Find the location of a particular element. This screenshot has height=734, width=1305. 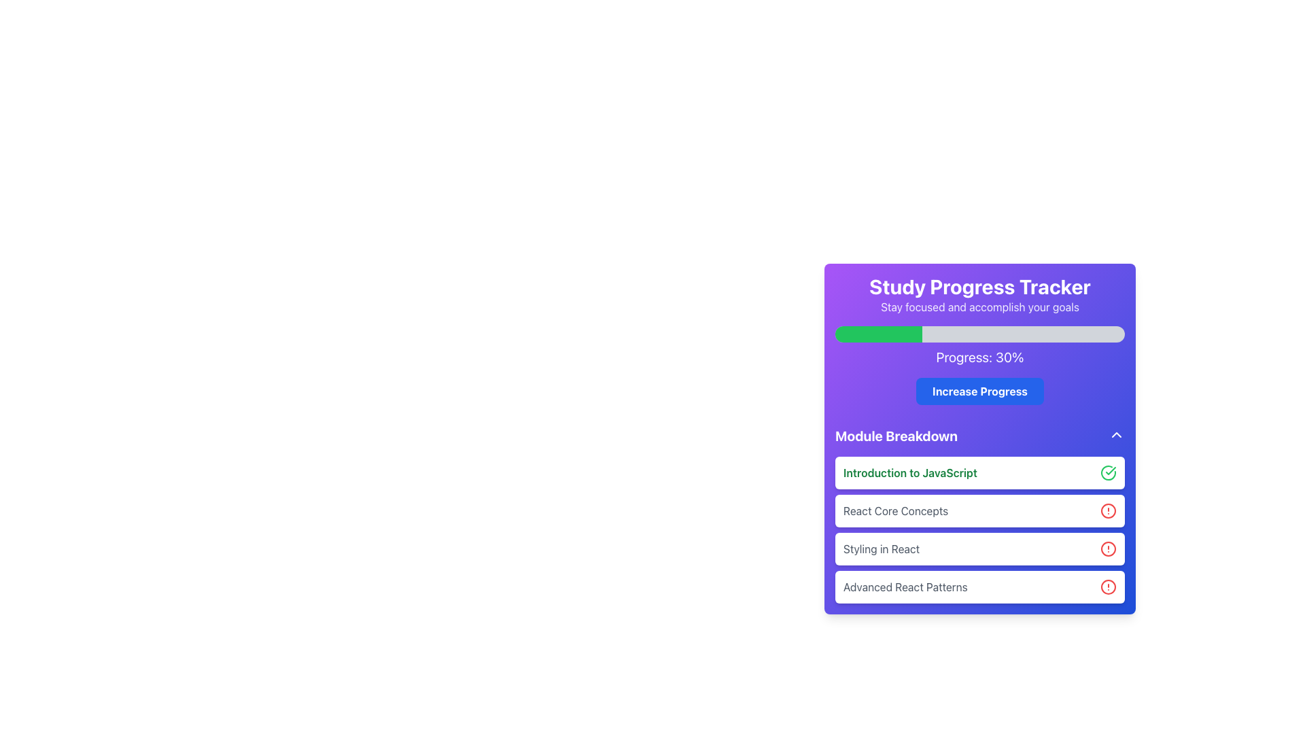

the upward-pointing chevron icon button, which is located to the right of the 'Module Breakdown' text is located at coordinates (1116, 435).